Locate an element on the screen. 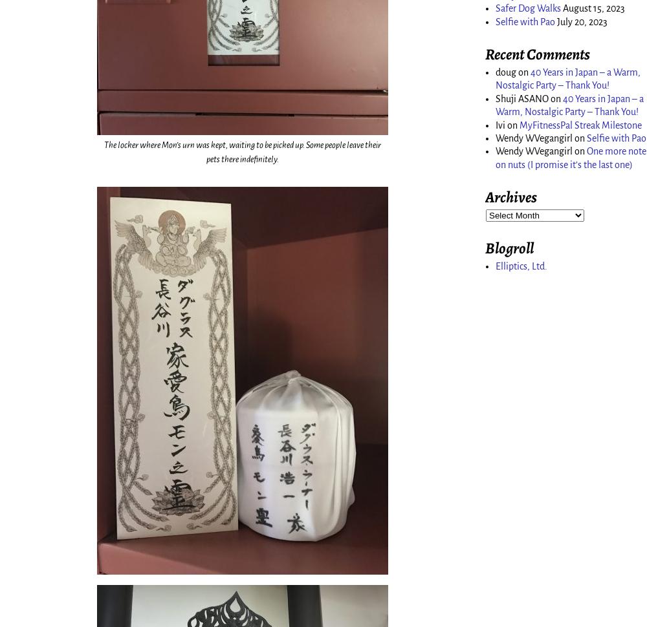 This screenshot has height=627, width=647. 'doug' is located at coordinates (506, 72).